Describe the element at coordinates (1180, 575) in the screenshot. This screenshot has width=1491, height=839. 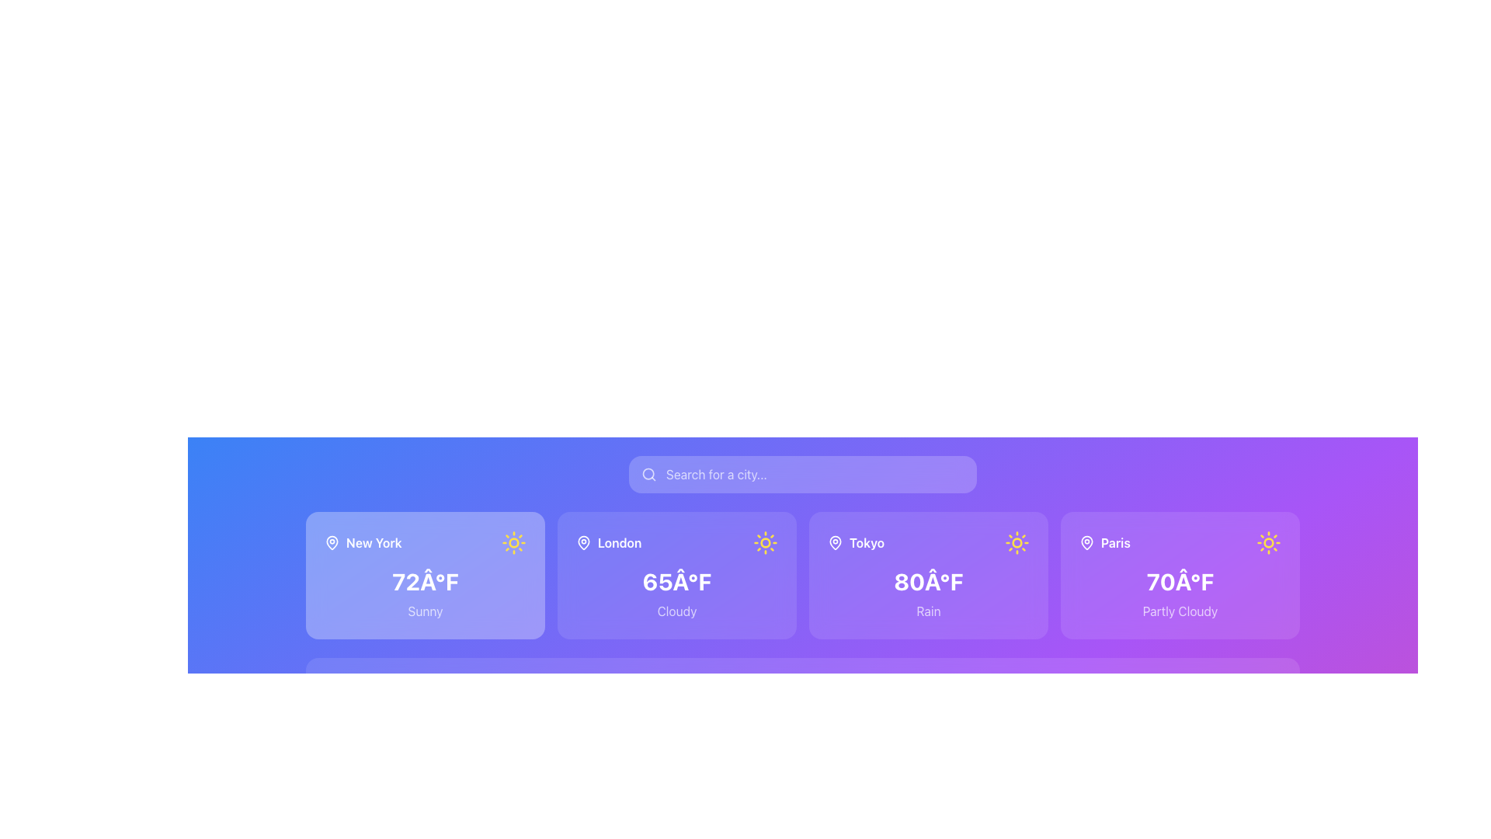
I see `the fourth weather card displaying weather details for Paris, located in the rightmost column` at that location.